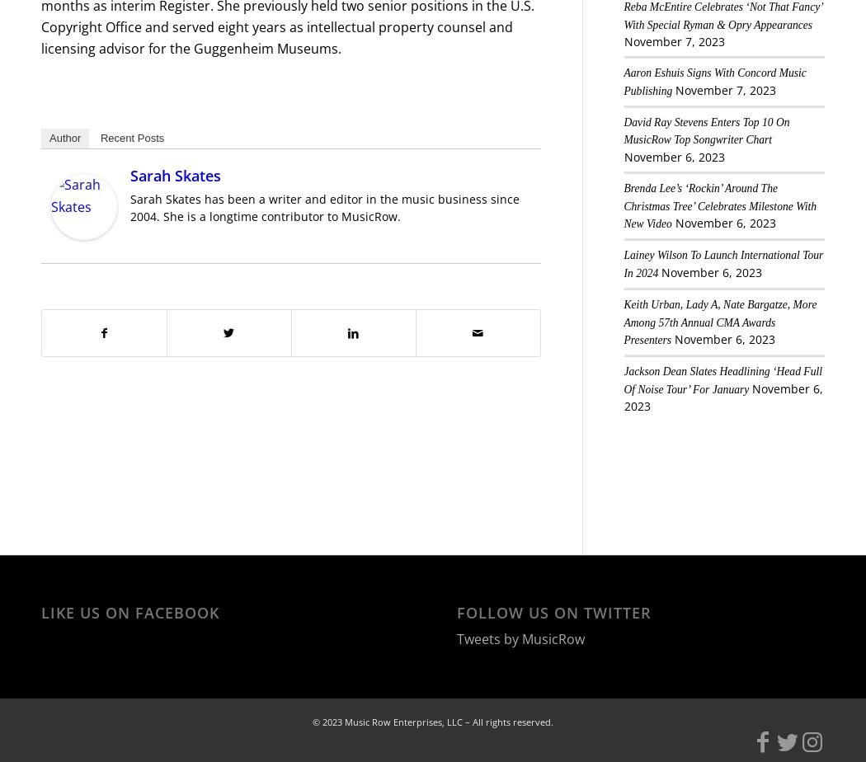 This screenshot has height=762, width=866. I want to click on 'Brenda Lee’s ‘Rockin’ Around The Christmas Tree’ Celebrates Milestone With New Video', so click(718, 206).